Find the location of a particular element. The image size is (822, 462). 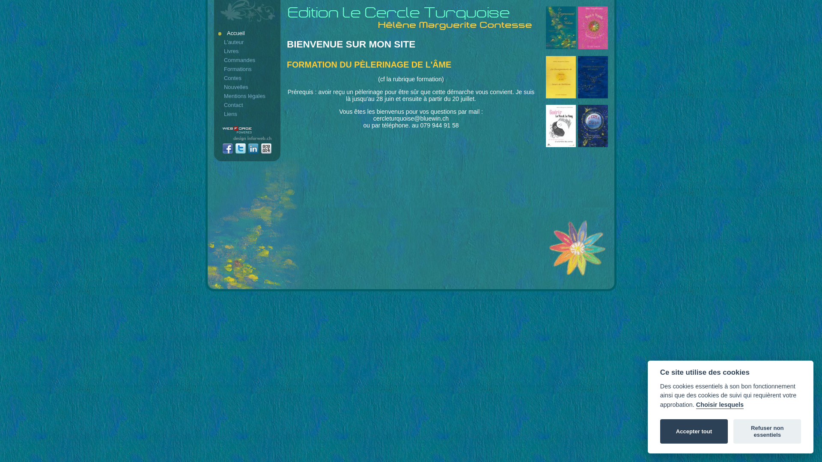

'Livres' is located at coordinates (217, 51).